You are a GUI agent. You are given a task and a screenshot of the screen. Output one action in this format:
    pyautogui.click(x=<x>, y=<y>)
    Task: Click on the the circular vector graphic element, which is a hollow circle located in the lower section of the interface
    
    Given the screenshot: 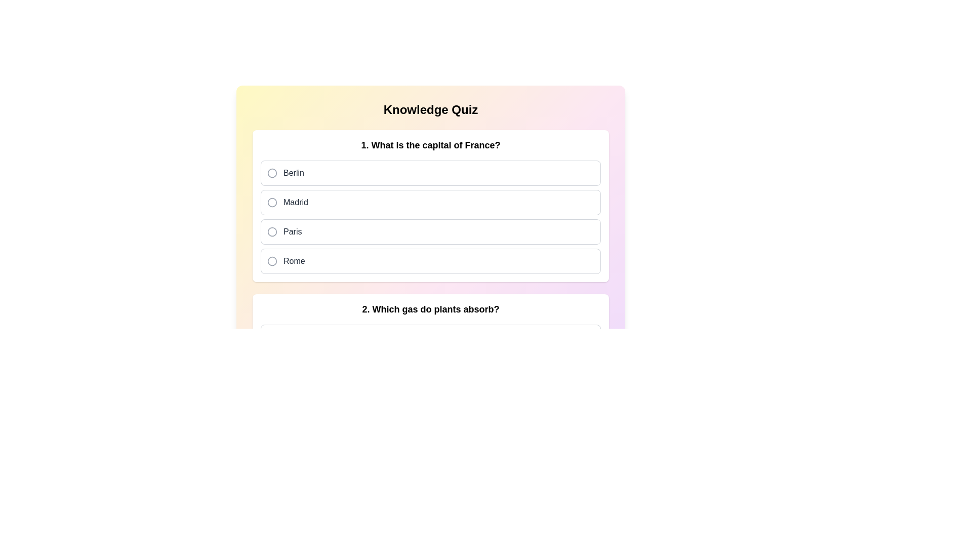 What is the action you would take?
    pyautogui.click(x=272, y=367)
    